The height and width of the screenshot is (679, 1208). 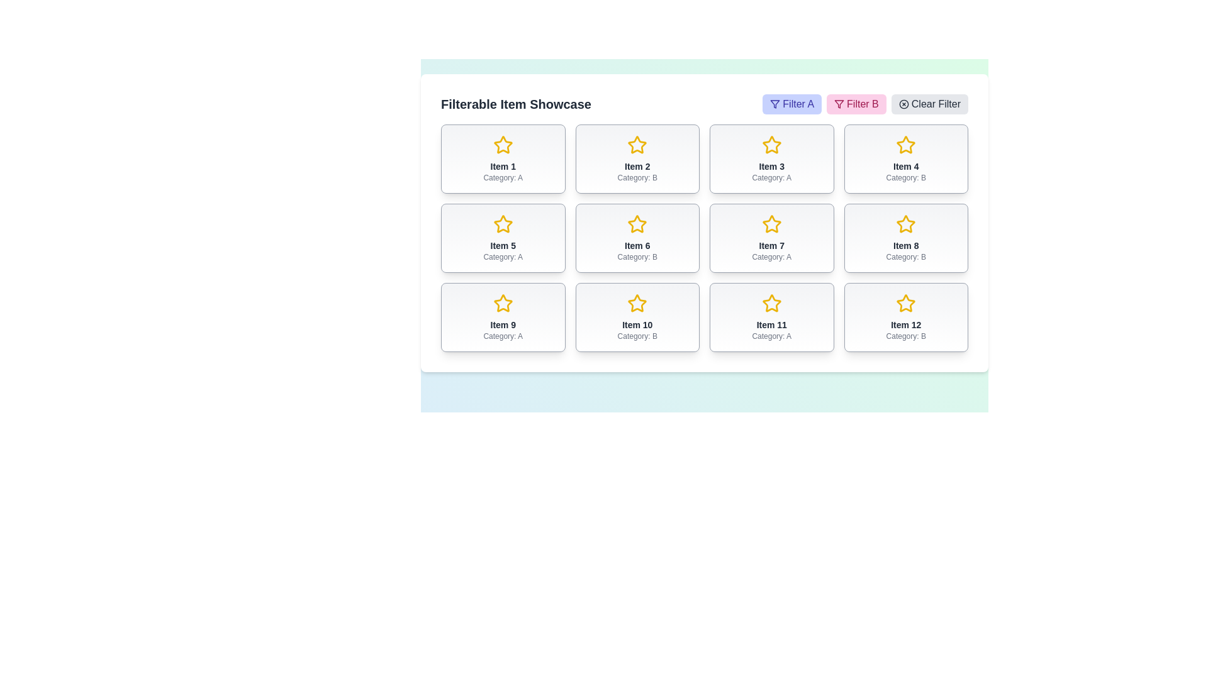 I want to click on the text label that specifies the category 'B' for 'Item 6', located at the bottom of the card underneath the star icon and the bold label, so click(x=637, y=256).